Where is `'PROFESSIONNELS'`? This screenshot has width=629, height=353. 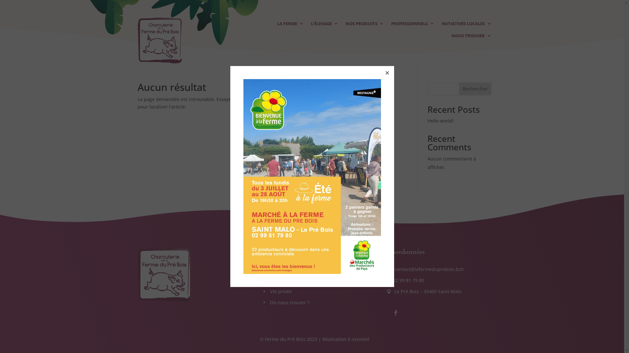
'PROFESSIONNELS' is located at coordinates (391, 25).